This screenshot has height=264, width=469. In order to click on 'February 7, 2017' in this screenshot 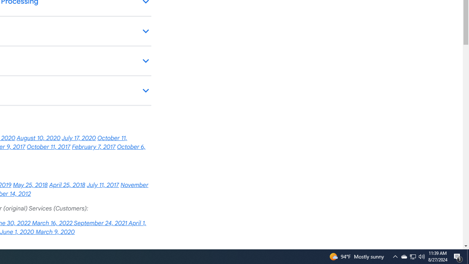, I will do `click(93, 147)`.